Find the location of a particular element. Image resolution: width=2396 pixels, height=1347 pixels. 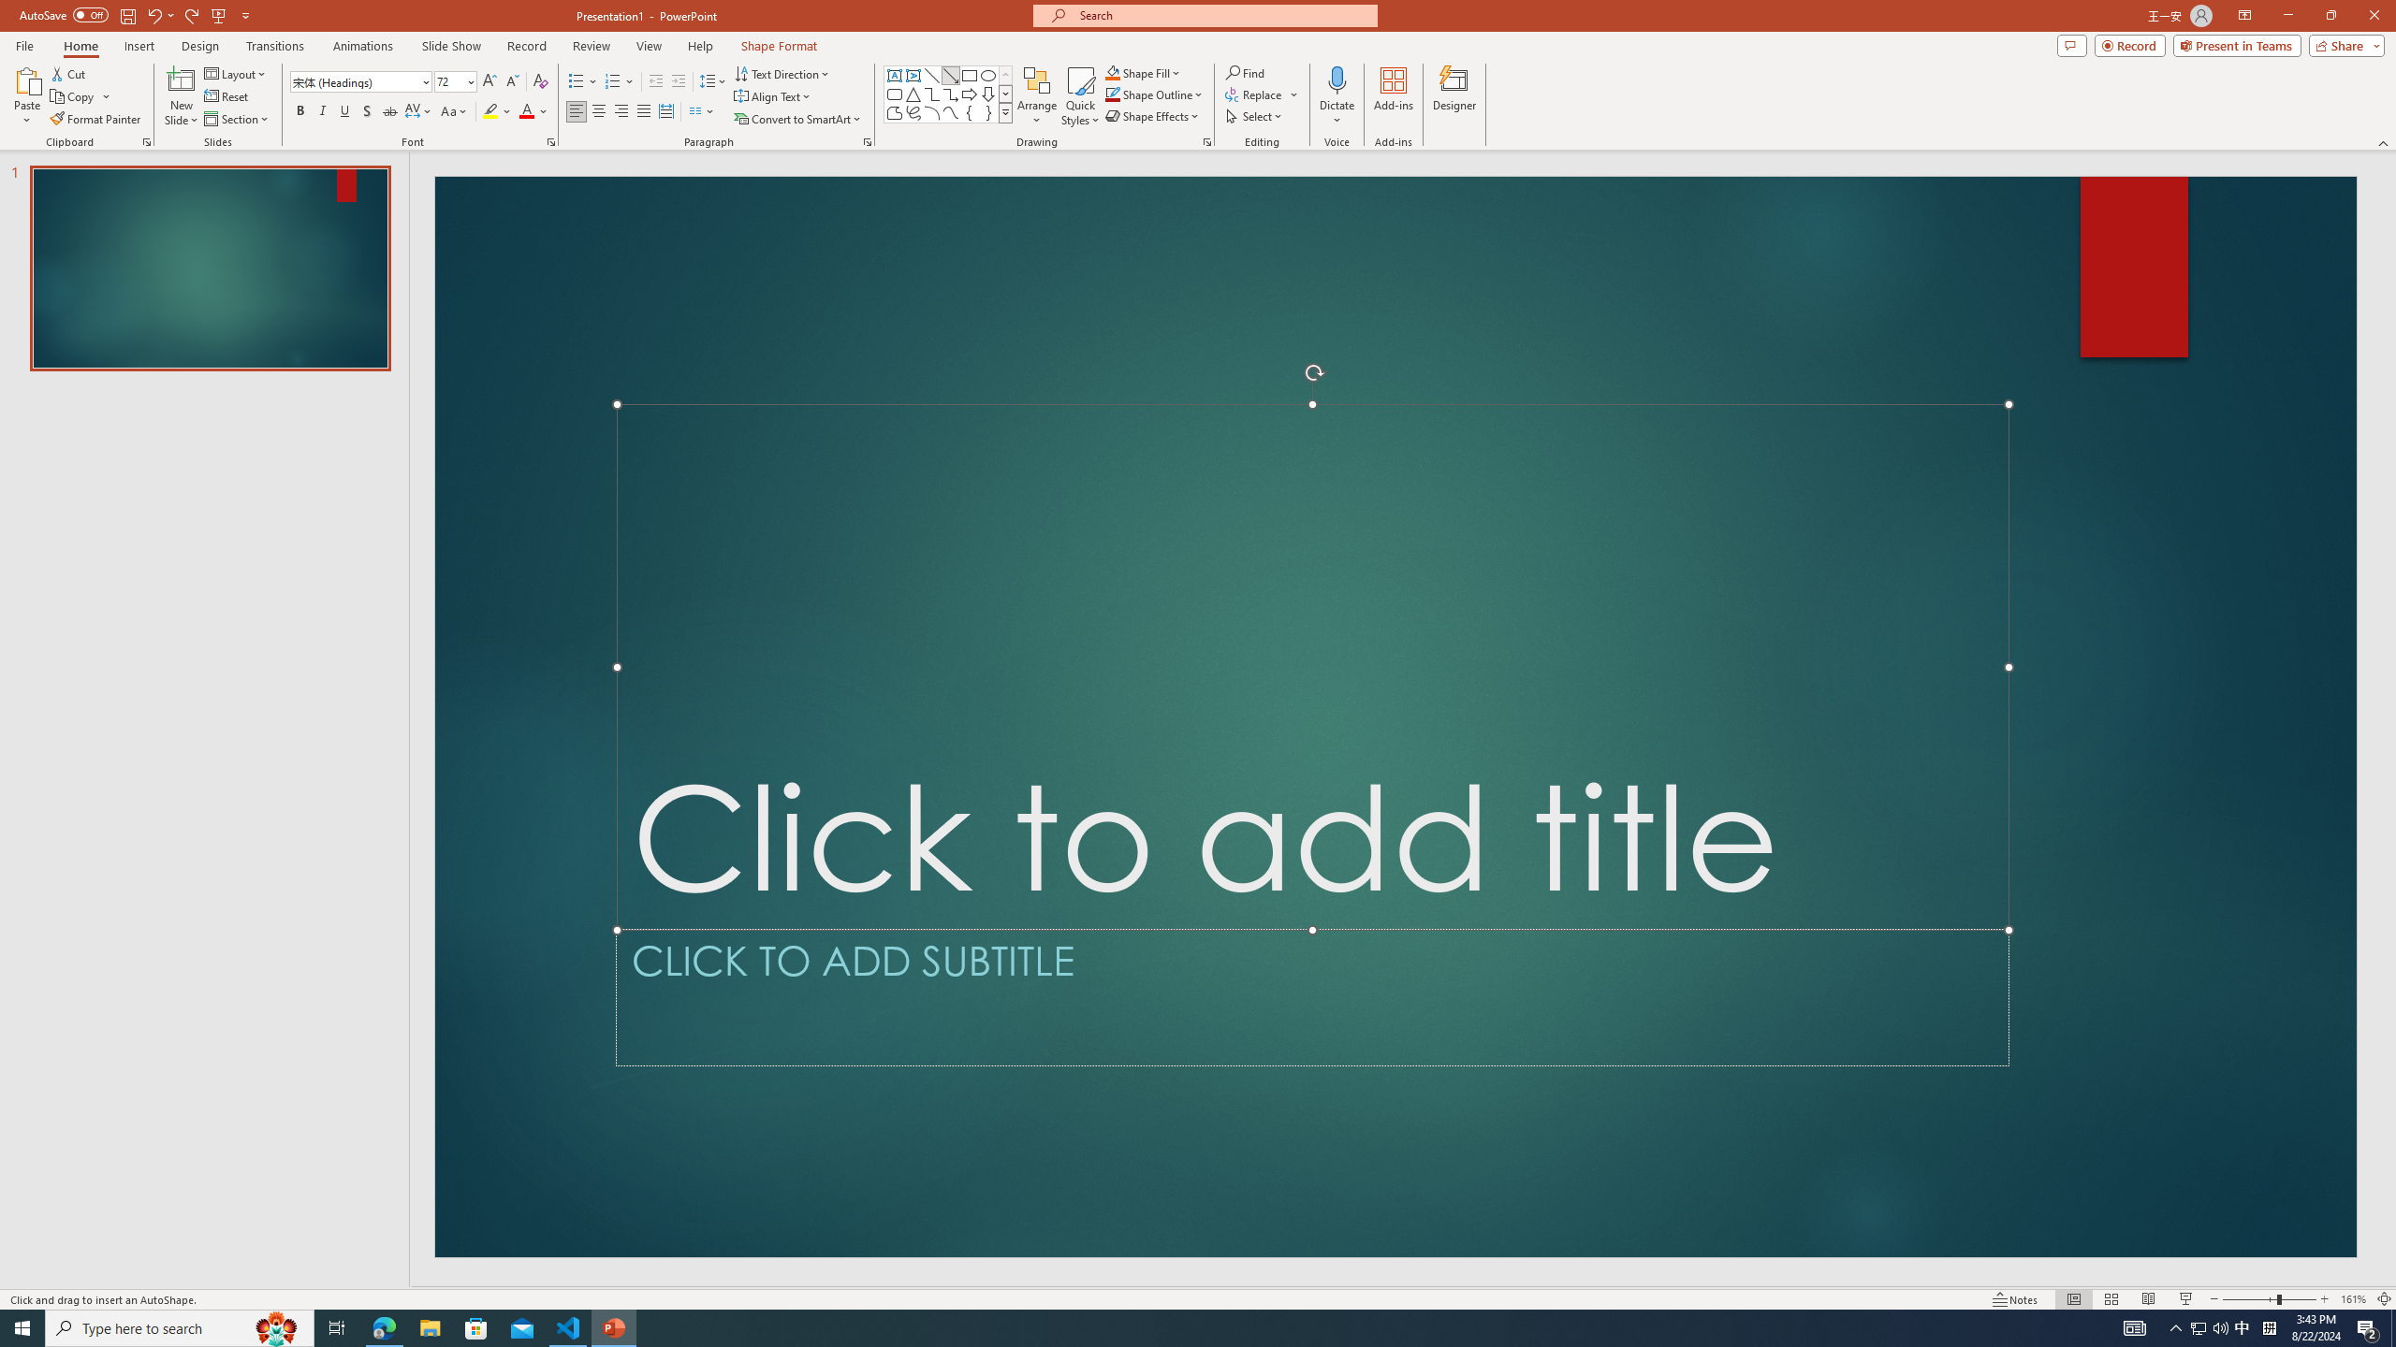

'Subtitle TextBox' is located at coordinates (1312, 997).